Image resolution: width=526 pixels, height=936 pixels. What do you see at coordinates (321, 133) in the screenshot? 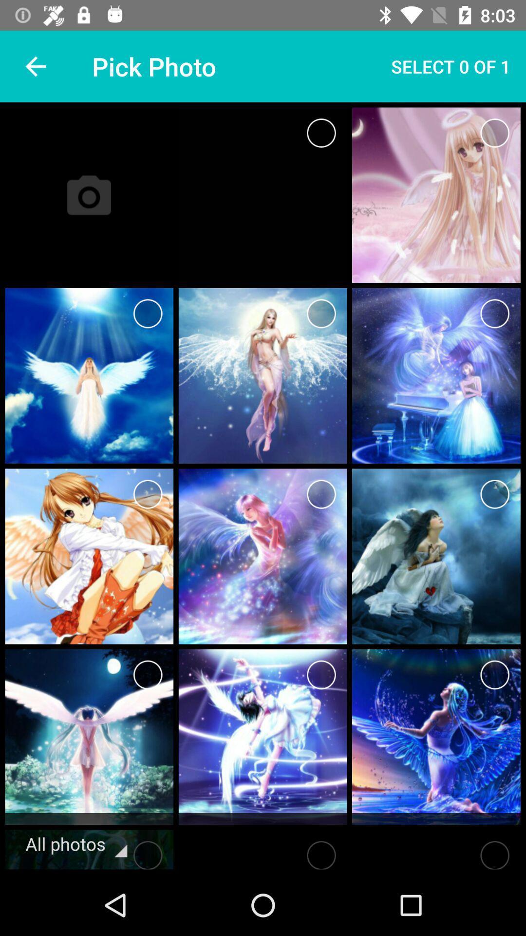
I see `select button in the first row first image` at bounding box center [321, 133].